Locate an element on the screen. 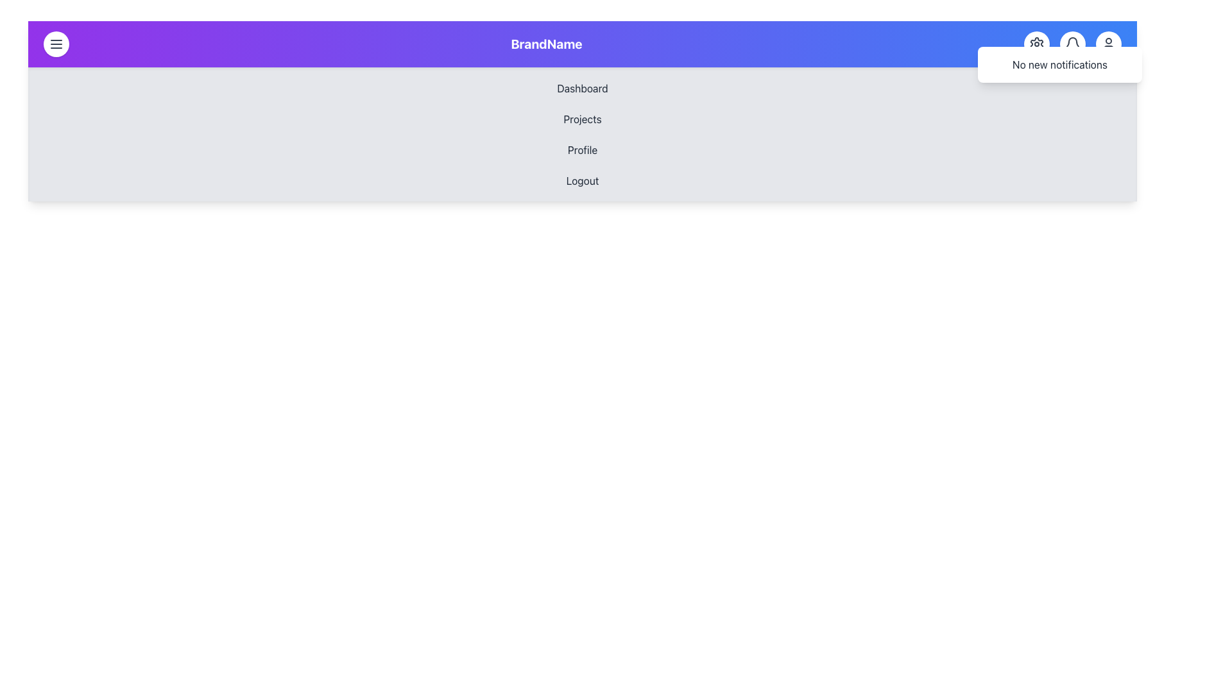  the user profile silhouette icon located in the top-right corner of the navigation bar is located at coordinates (1108, 44).